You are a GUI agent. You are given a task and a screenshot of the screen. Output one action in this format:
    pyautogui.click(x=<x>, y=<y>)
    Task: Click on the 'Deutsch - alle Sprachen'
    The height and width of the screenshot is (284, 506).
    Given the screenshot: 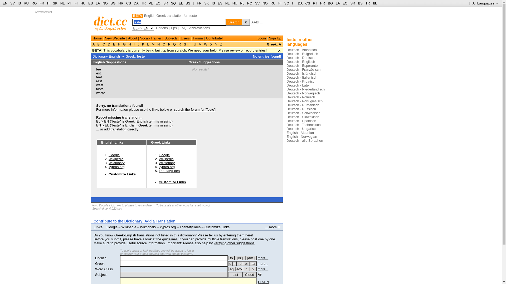 What is the action you would take?
    pyautogui.click(x=305, y=140)
    